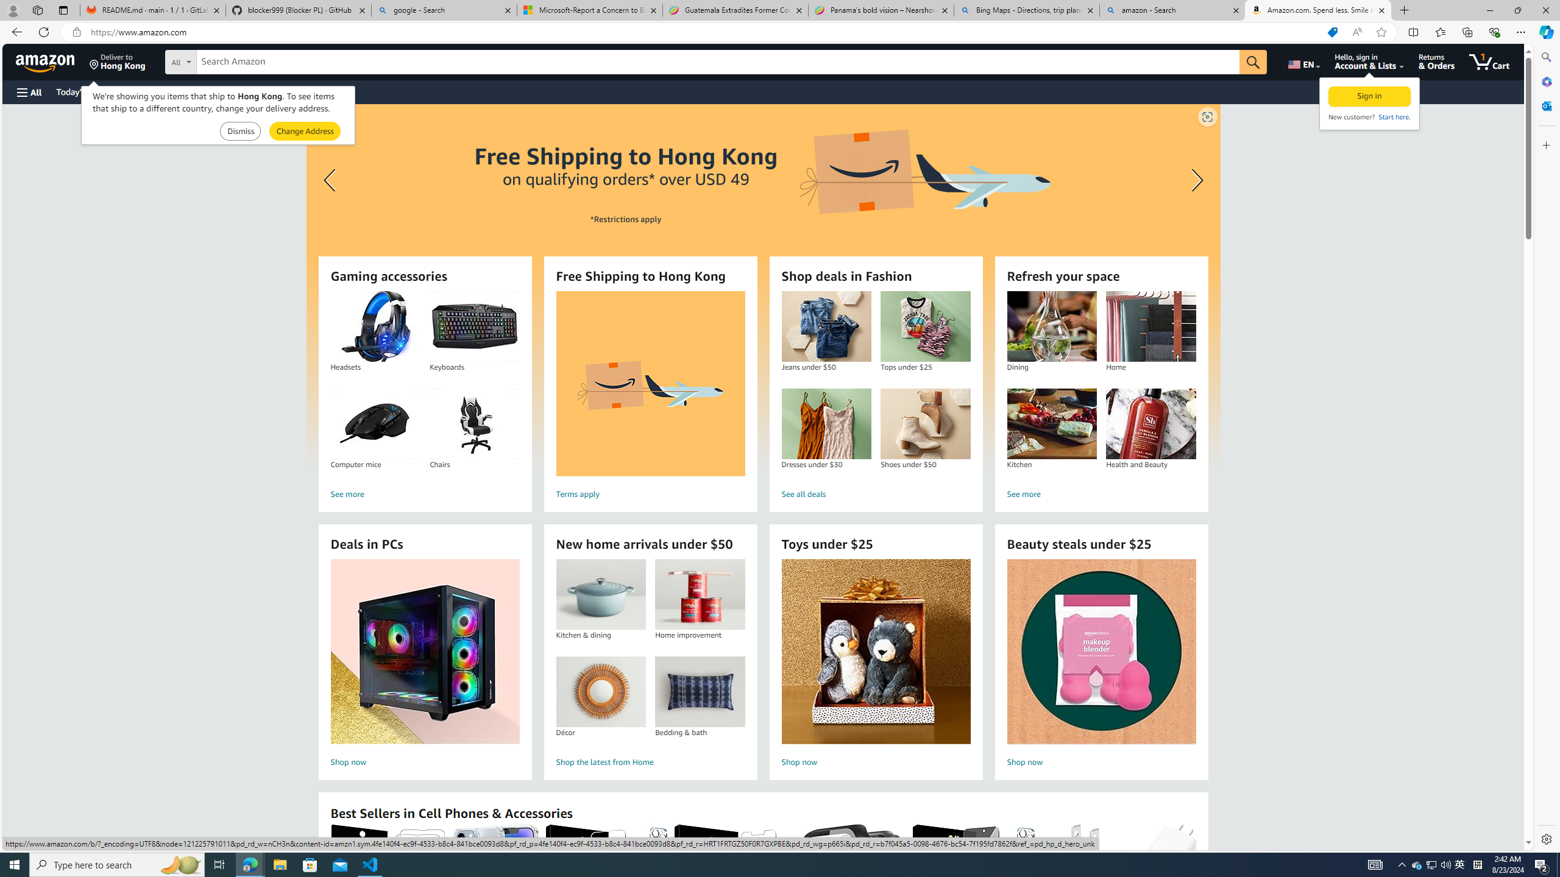  Describe the element at coordinates (425, 664) in the screenshot. I see `'Deals in PCs Shop now'` at that location.